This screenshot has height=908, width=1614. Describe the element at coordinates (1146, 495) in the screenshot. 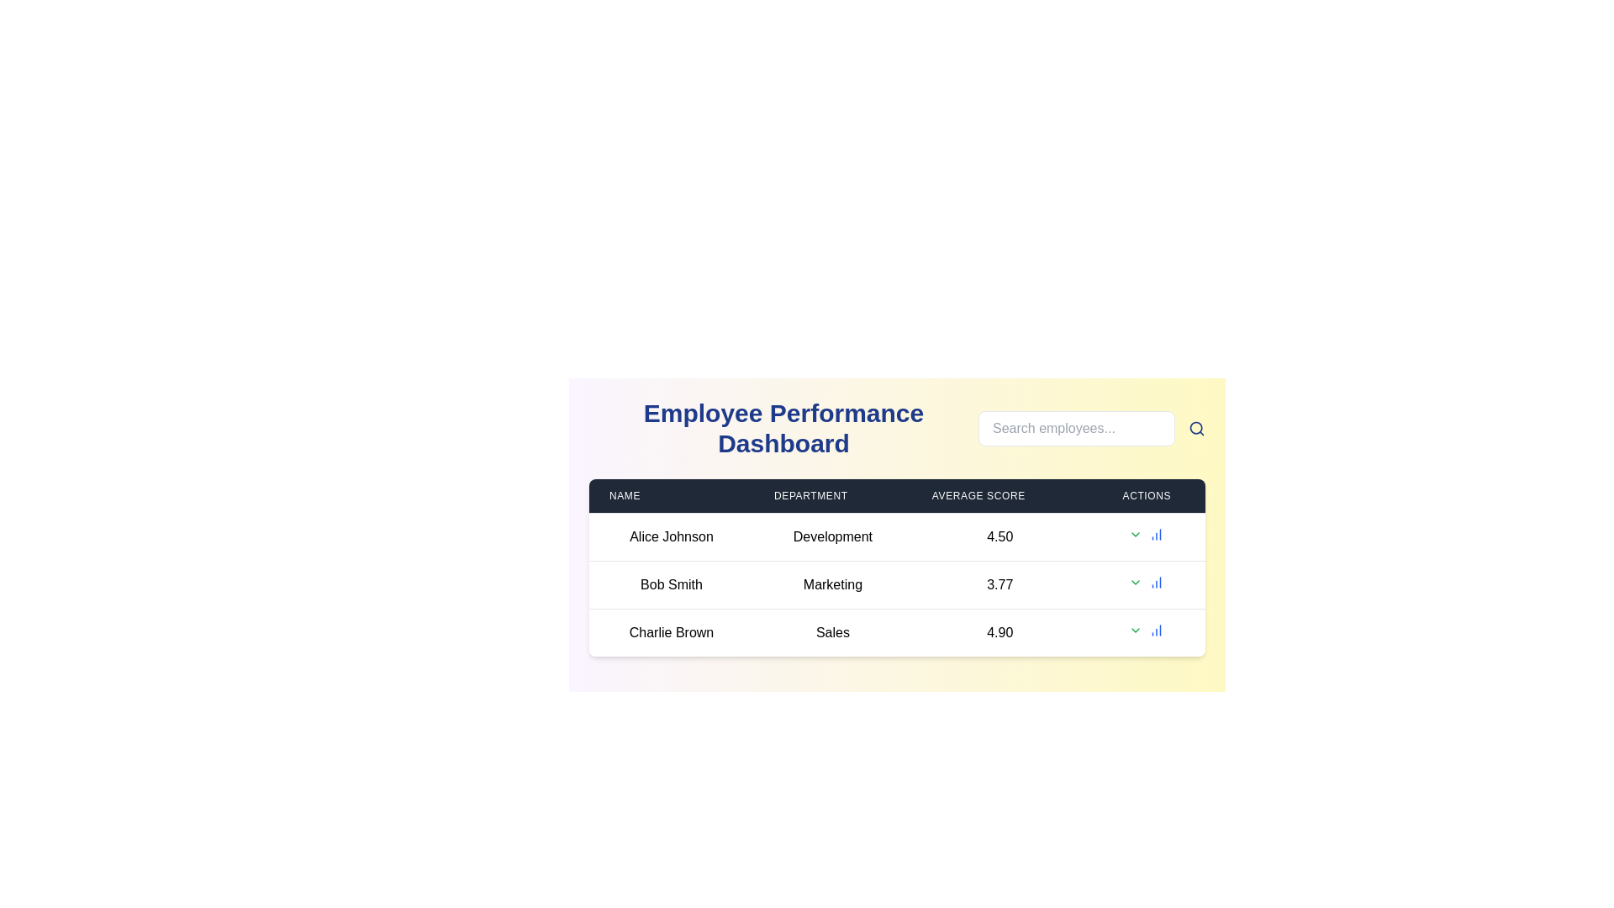

I see `the 'Actions' Table Column Header, which is the last header cell in the table with a dark background and white text, positioned at the far-right of the header row` at that location.